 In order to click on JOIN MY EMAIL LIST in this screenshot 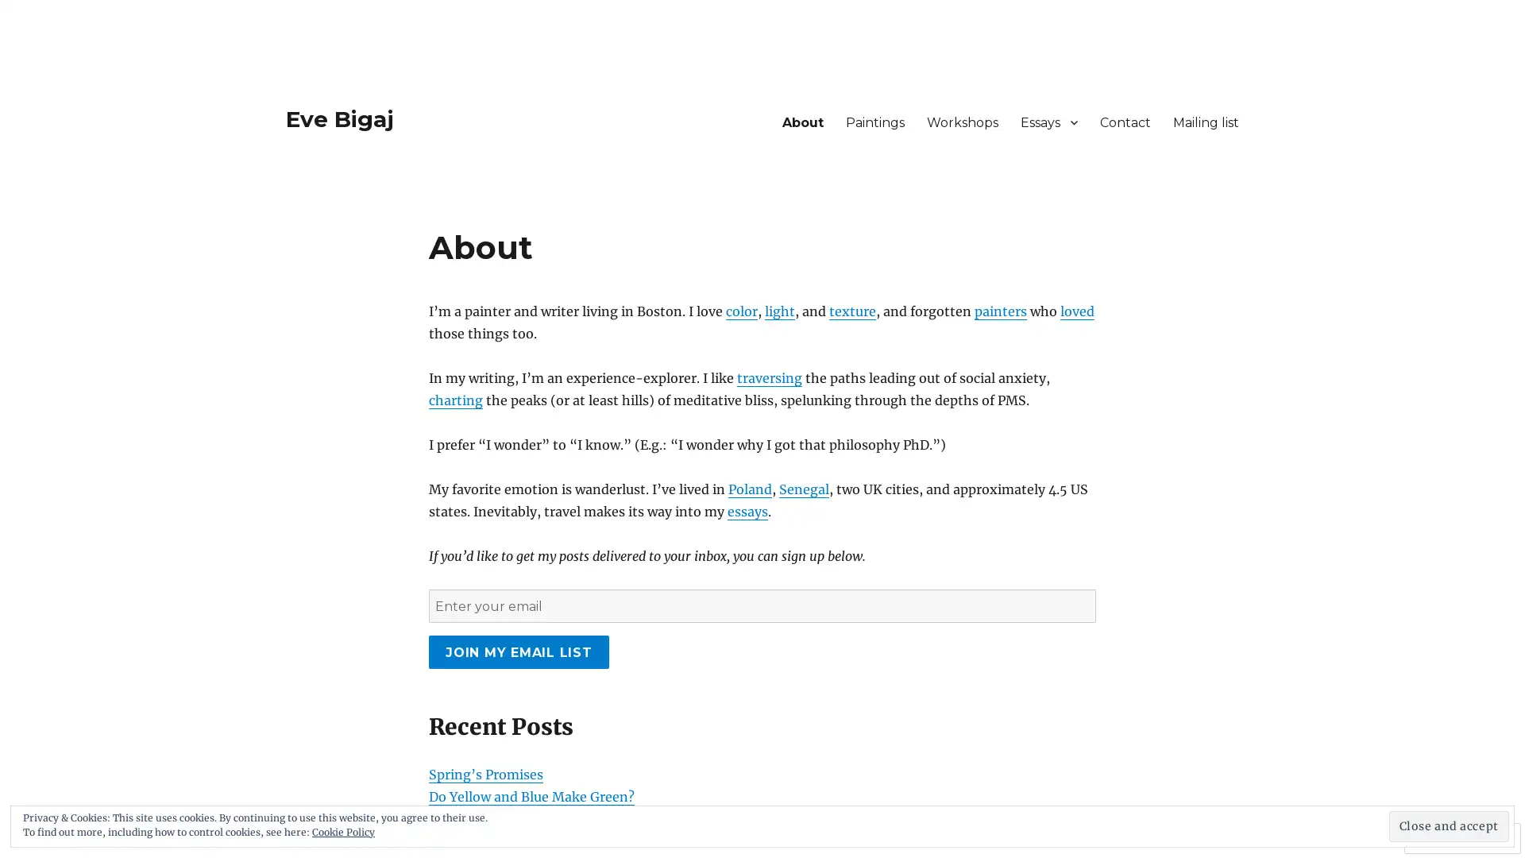, I will do `click(518, 652)`.